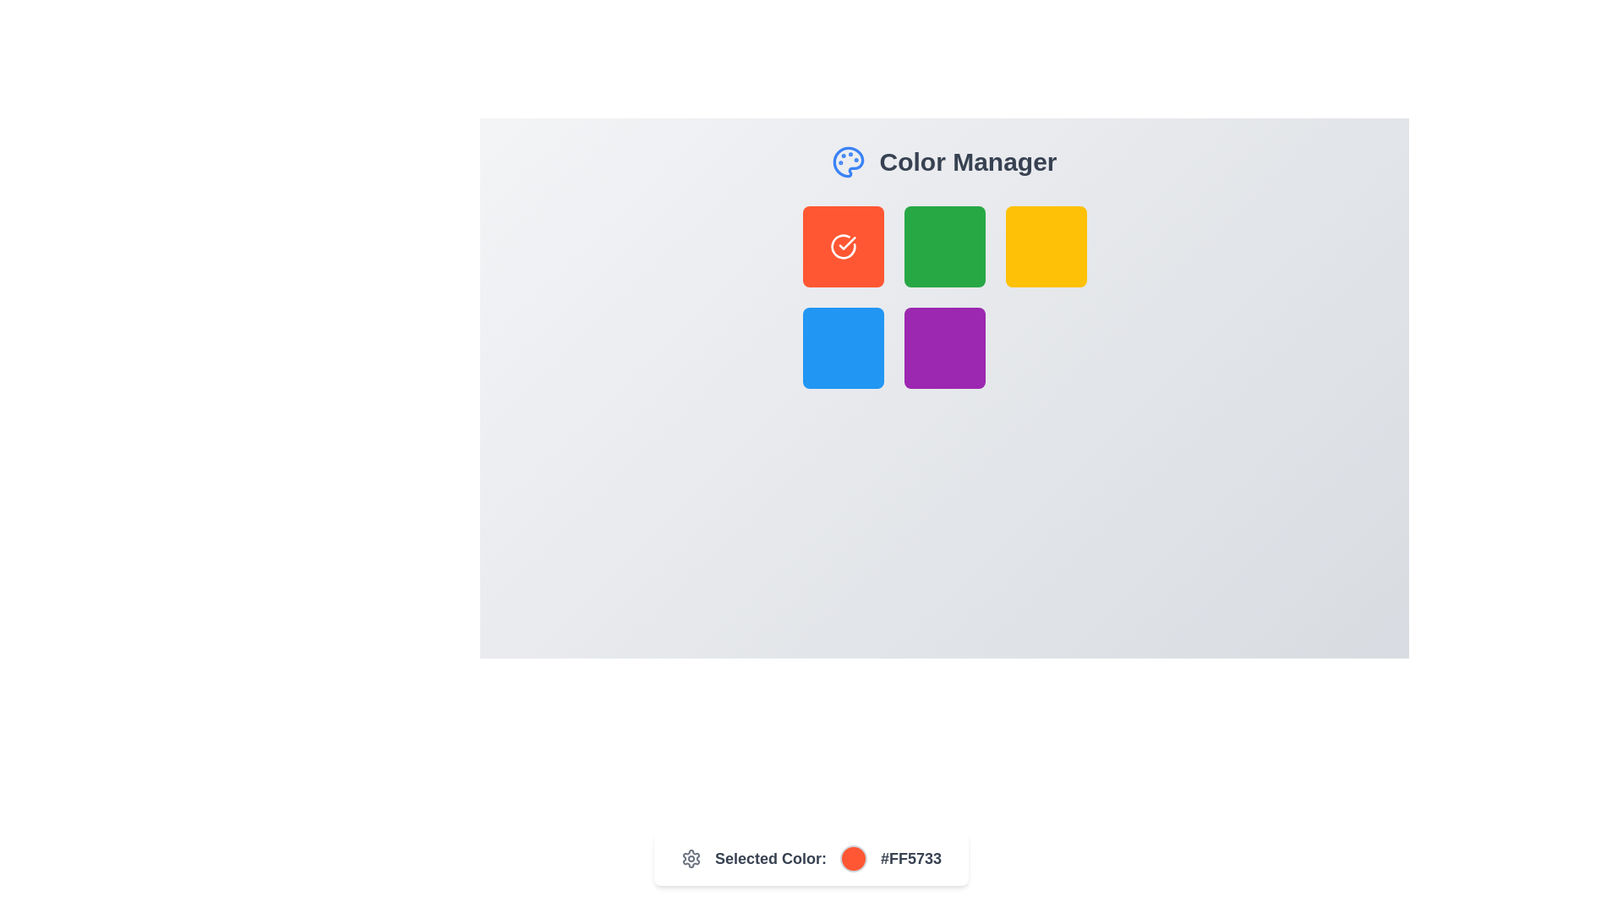 The image size is (1623, 913). Describe the element at coordinates (943, 247) in the screenshot. I see `the square button with a rounded border, filled with a solid green color, located in the second column of the first row within a 3x3 grid structure` at that location.